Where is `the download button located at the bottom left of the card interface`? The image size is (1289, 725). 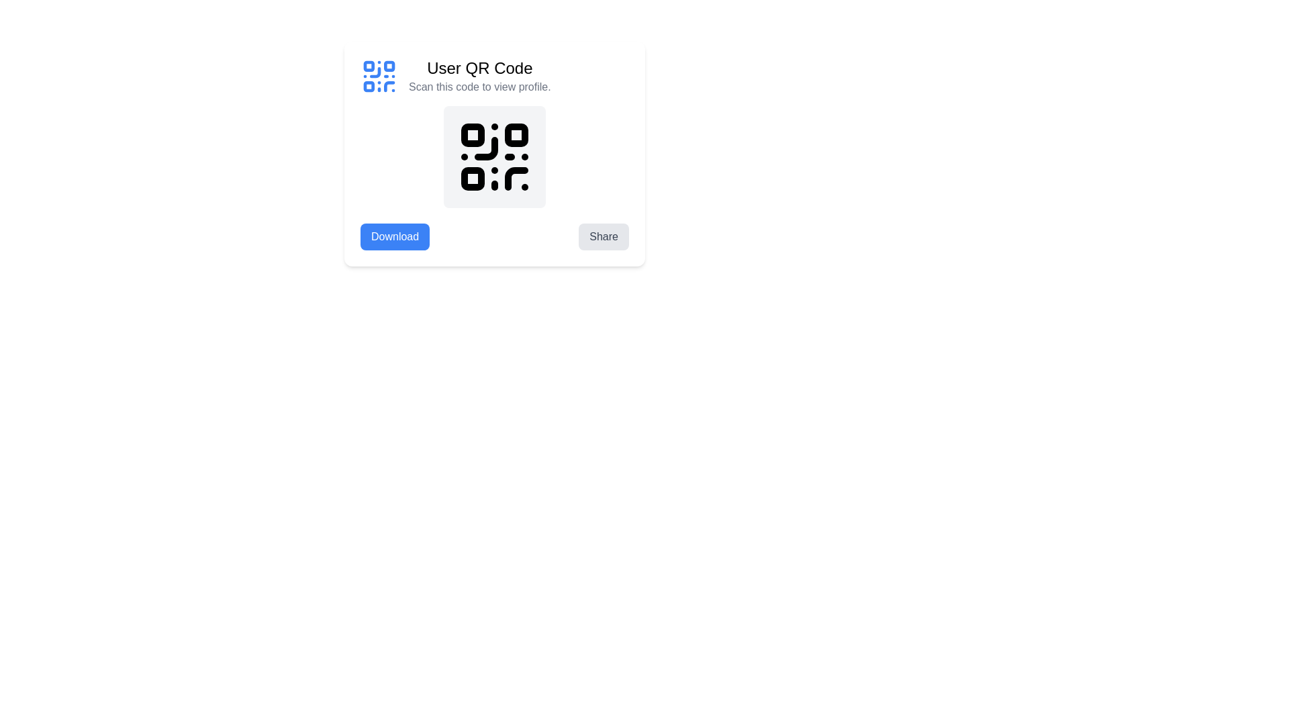 the download button located at the bottom left of the card interface is located at coordinates (394, 236).